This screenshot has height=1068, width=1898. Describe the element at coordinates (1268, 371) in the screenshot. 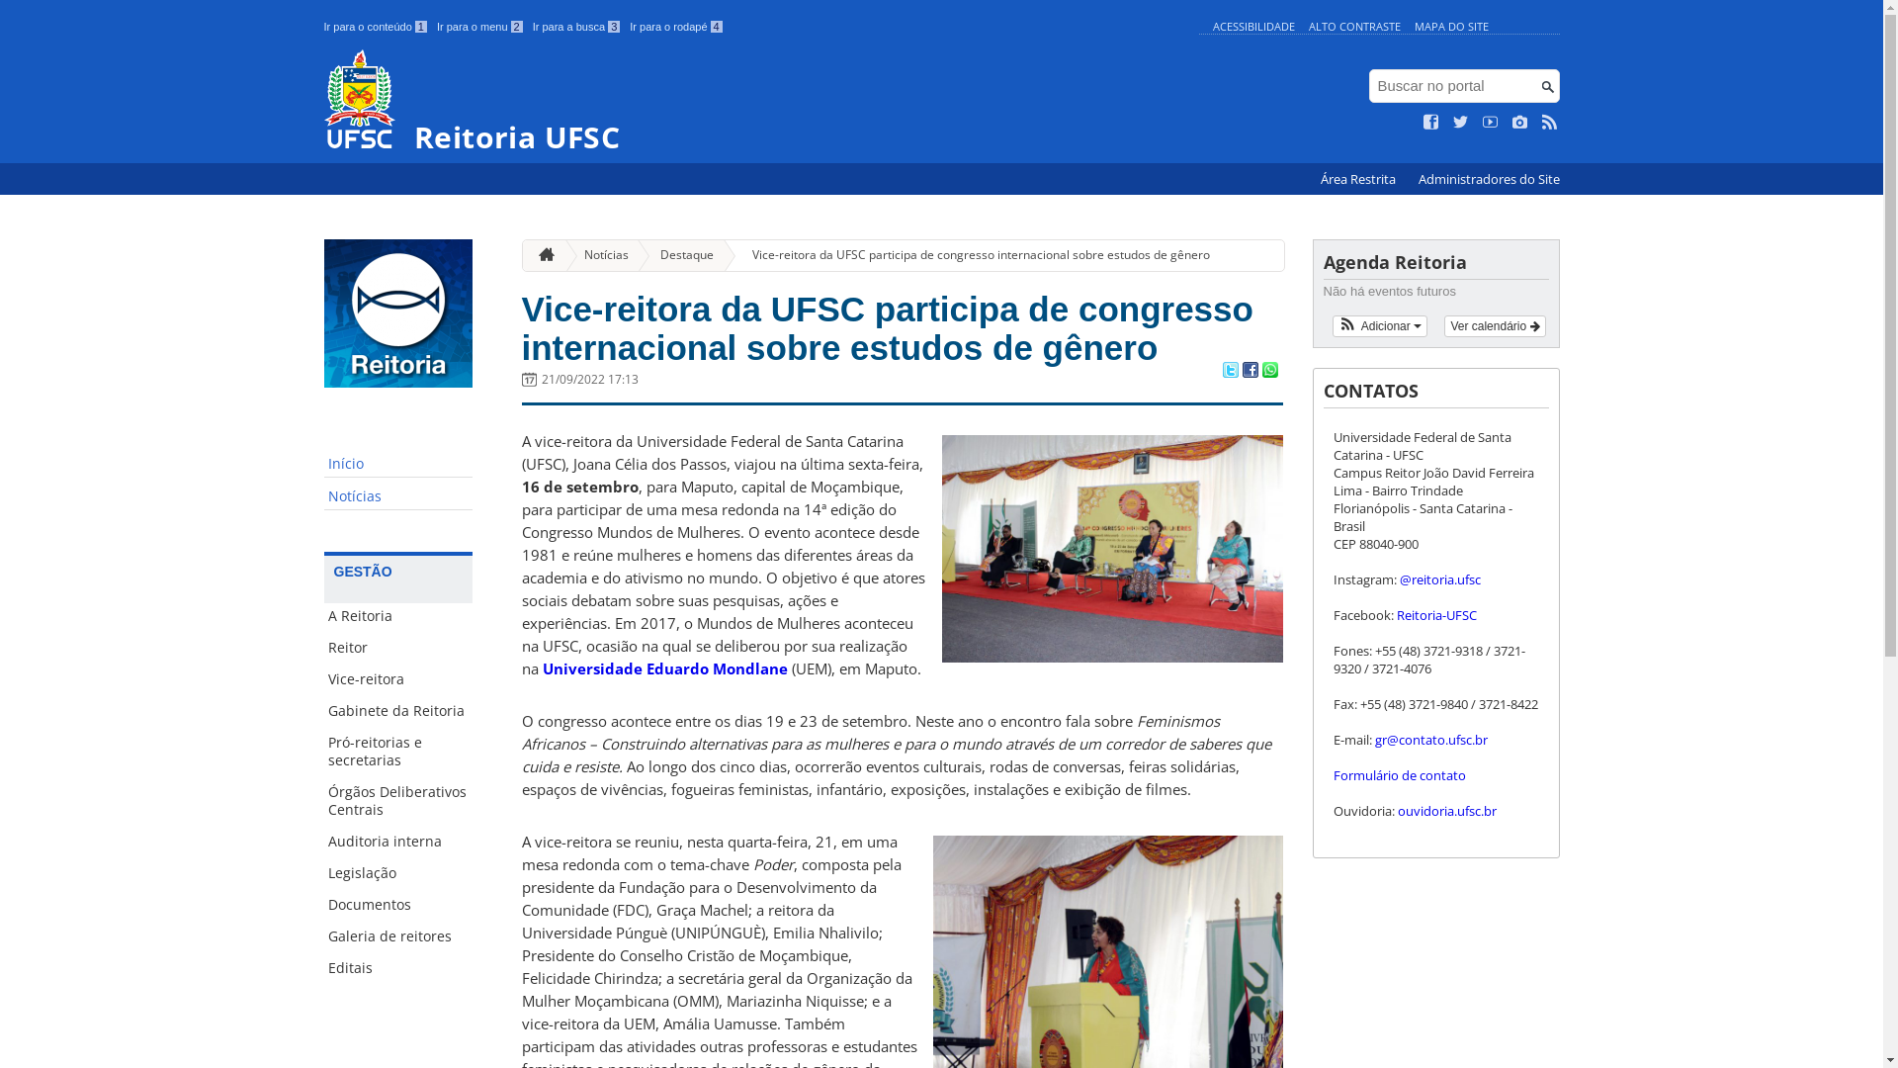

I see `'Compartilhar no WhatsApp'` at that location.